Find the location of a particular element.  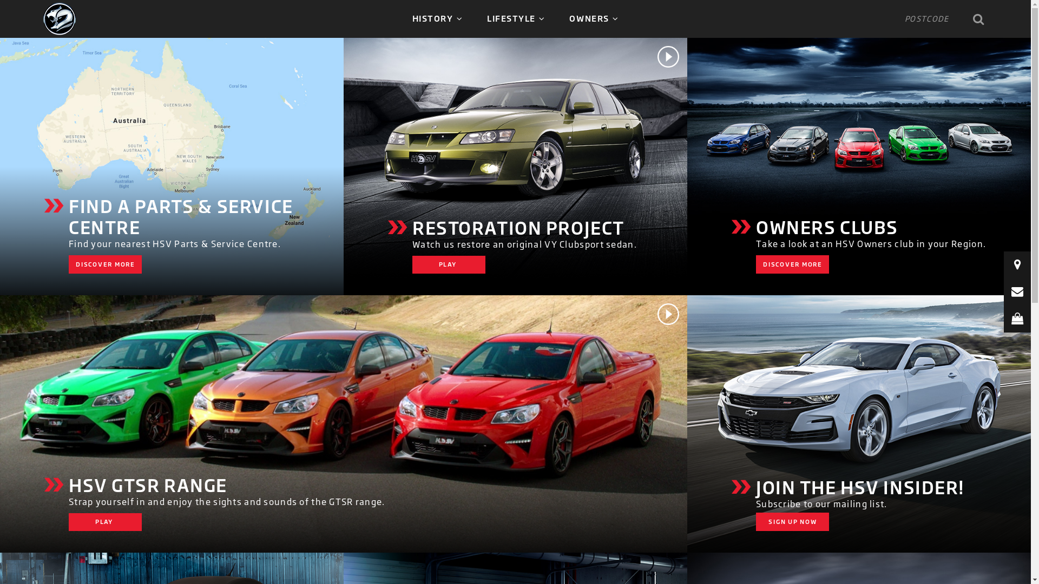

'Subscribe to HSV' is located at coordinates (858, 423).